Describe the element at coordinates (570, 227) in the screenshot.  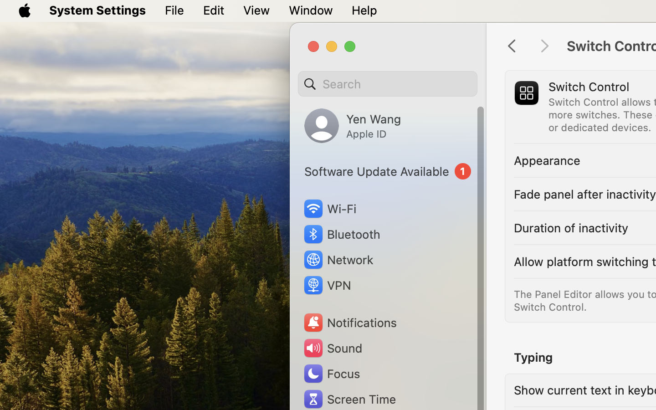
I see `'Duration of inactivity'` at that location.